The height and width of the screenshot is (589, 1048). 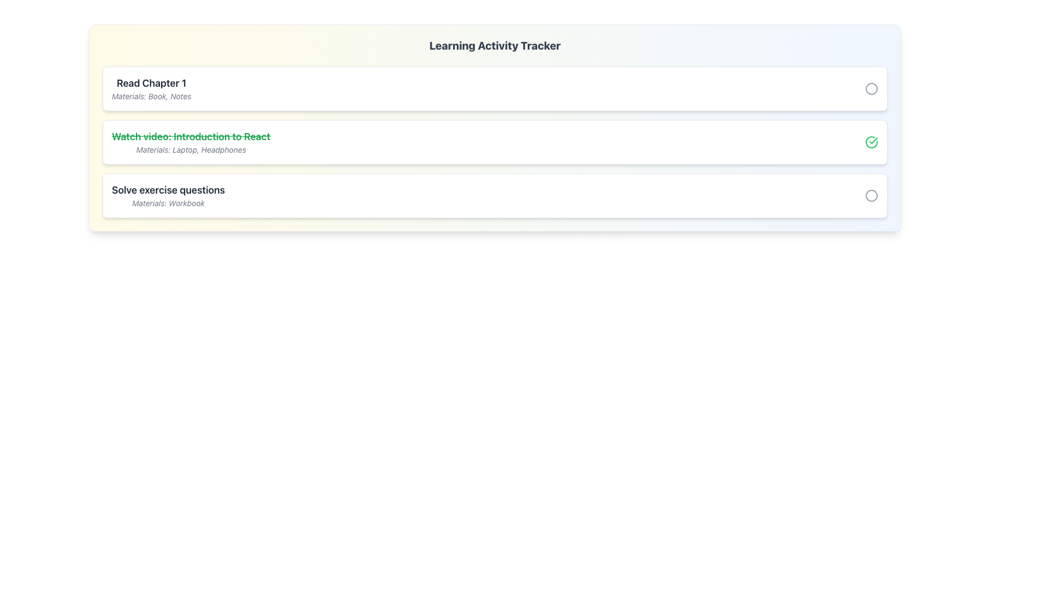 I want to click on the text label that describes the task 'Solve exercise questions' which is located within the third item of a vertical list, so click(x=168, y=189).